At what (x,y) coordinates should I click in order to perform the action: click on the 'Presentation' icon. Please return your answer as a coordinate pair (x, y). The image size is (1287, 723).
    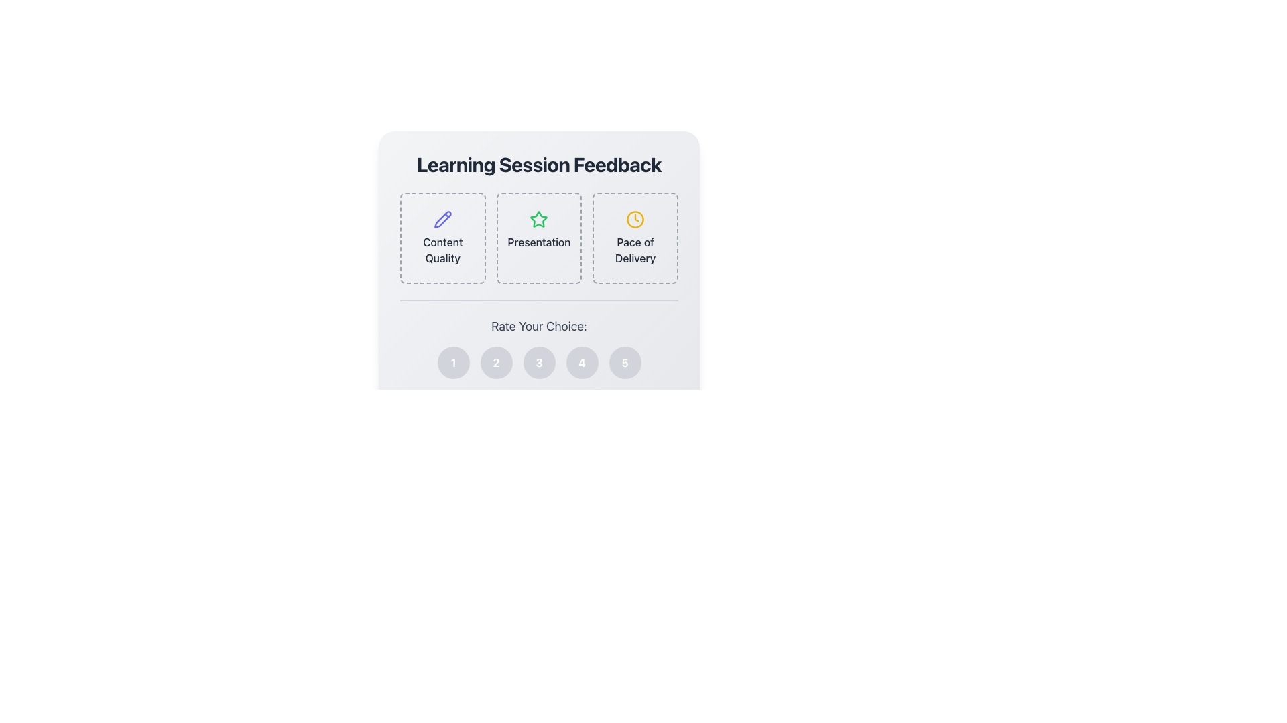
    Looking at the image, I should click on (539, 218).